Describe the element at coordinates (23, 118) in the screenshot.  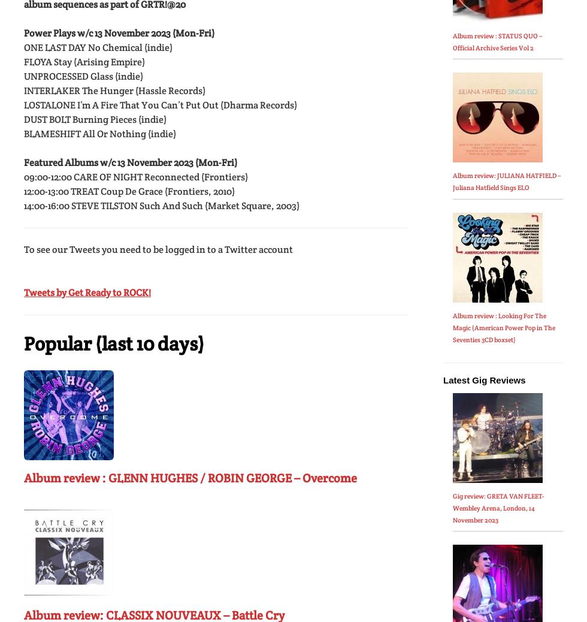
I see `'DUST BOLT Burning Pieces (indie)'` at that location.